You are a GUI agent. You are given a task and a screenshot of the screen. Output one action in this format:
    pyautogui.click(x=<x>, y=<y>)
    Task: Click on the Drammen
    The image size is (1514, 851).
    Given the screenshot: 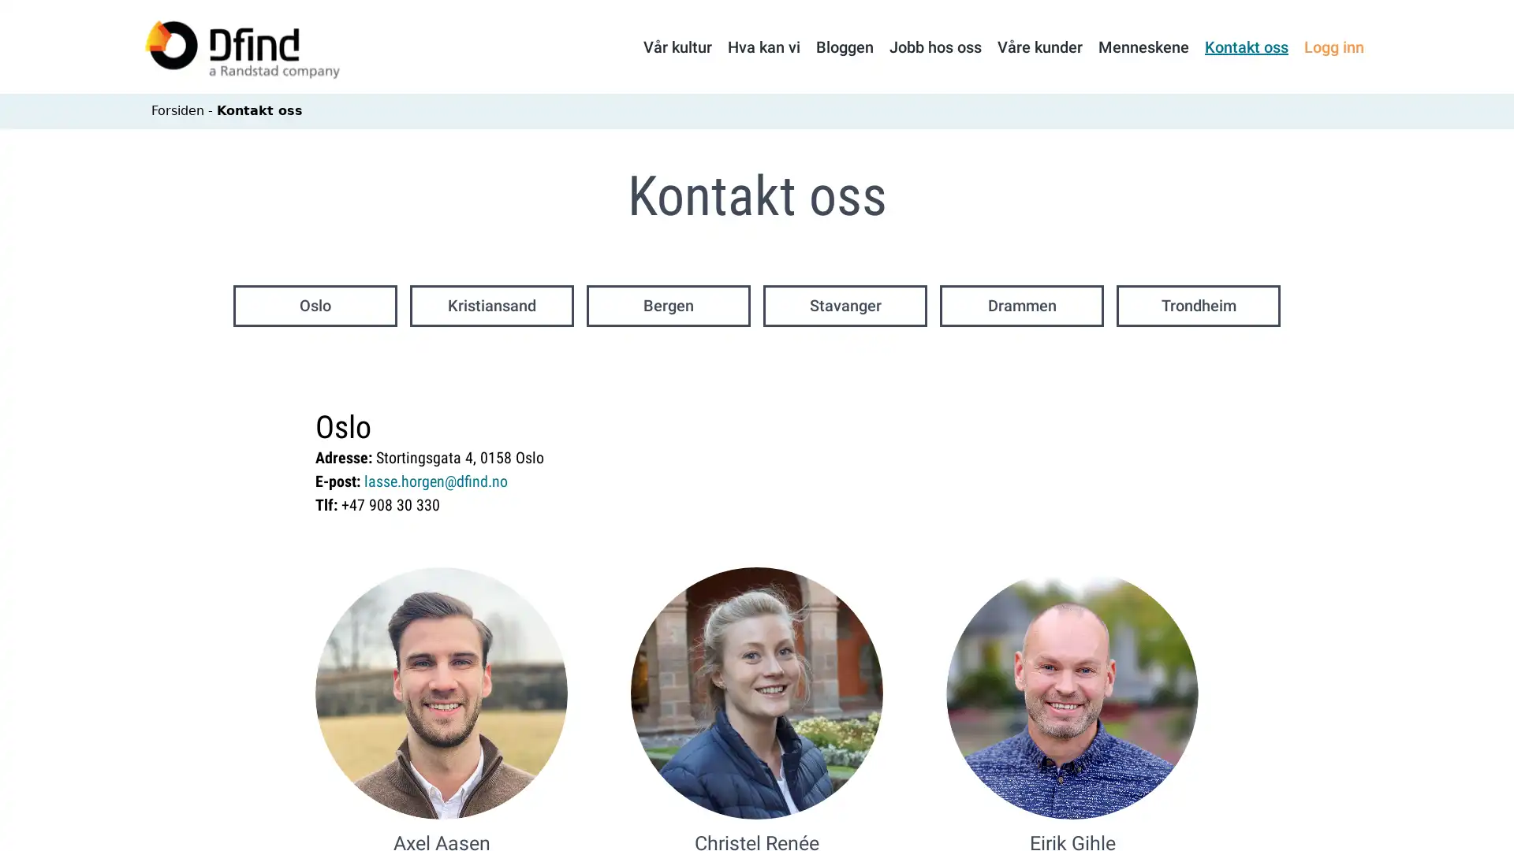 What is the action you would take?
    pyautogui.click(x=1022, y=306)
    